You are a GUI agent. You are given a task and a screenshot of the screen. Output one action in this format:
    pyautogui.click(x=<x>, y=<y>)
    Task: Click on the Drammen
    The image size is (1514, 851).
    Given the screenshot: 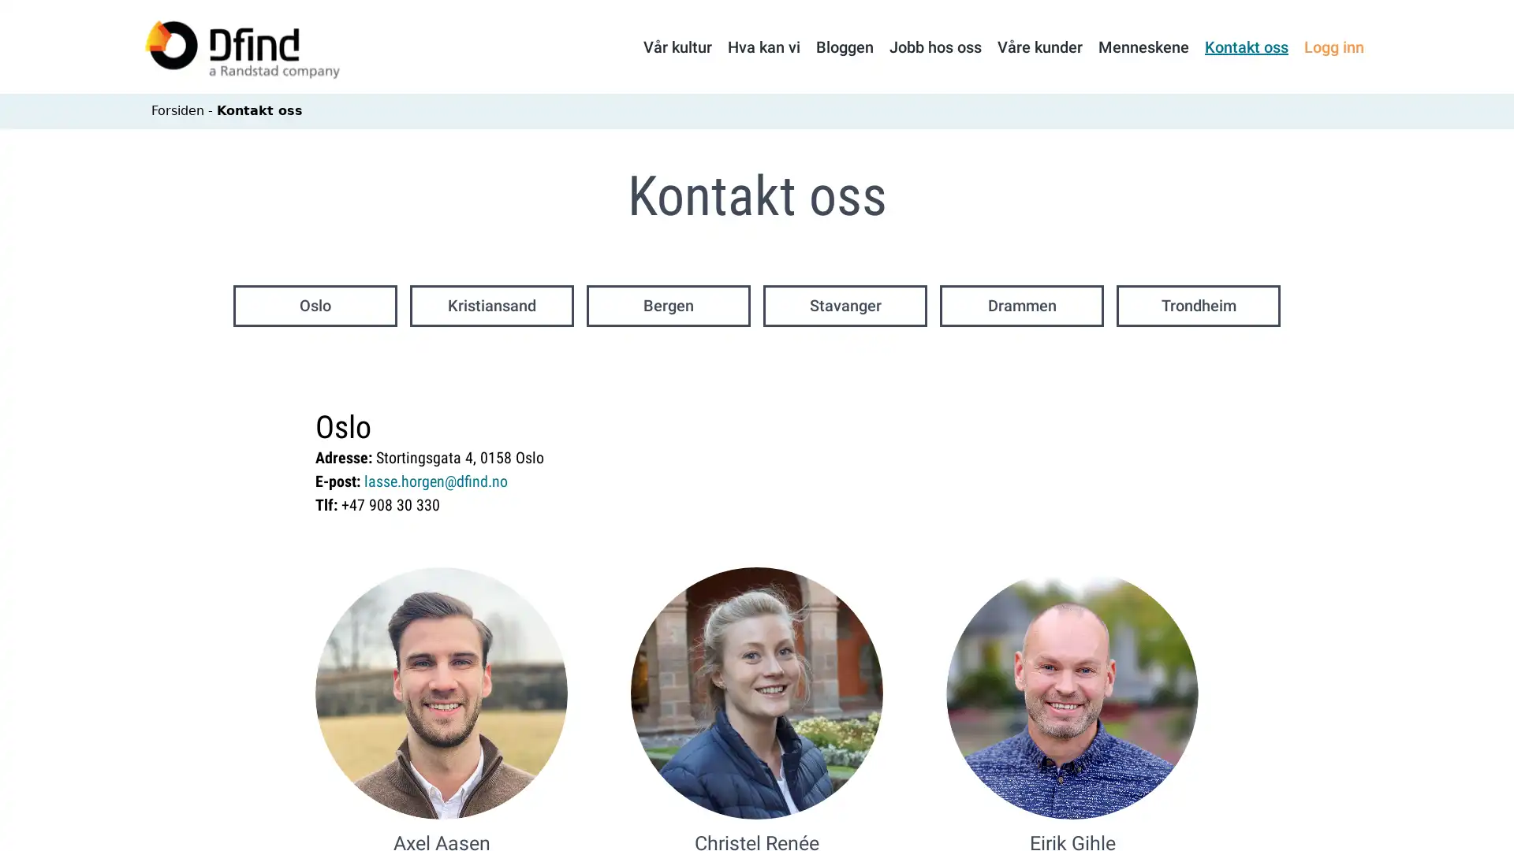 What is the action you would take?
    pyautogui.click(x=1022, y=306)
    